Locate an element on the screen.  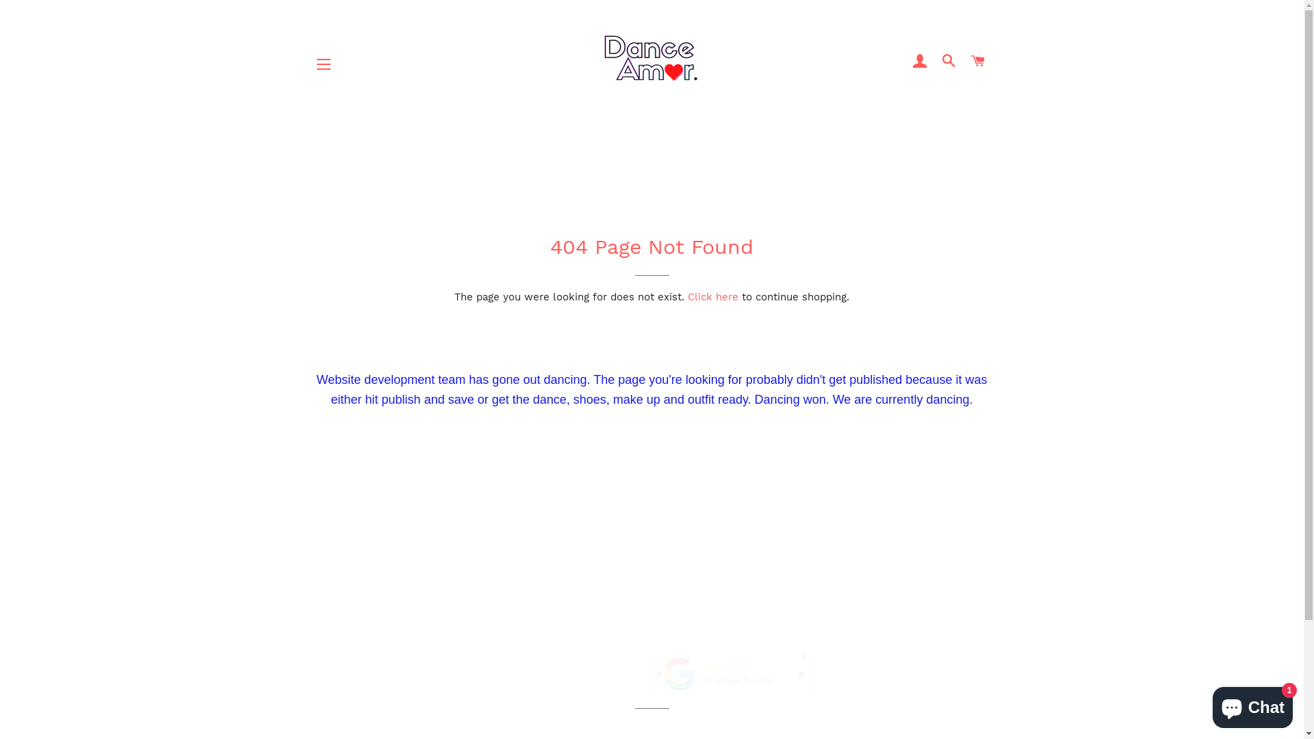
'SITE NAVIGATION' is located at coordinates (323, 64).